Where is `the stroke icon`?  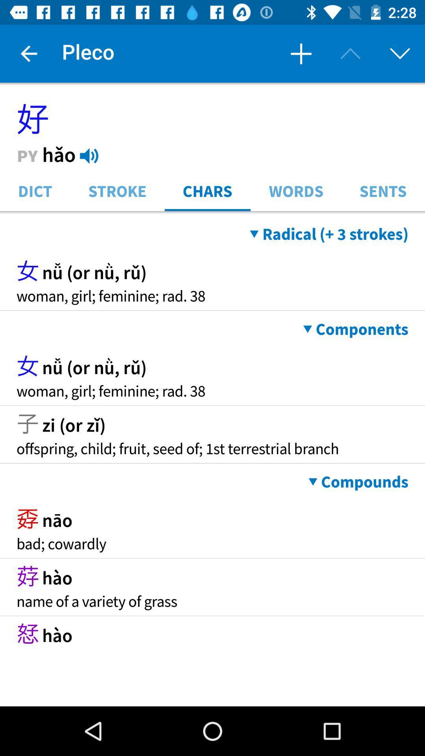 the stroke icon is located at coordinates (117, 190).